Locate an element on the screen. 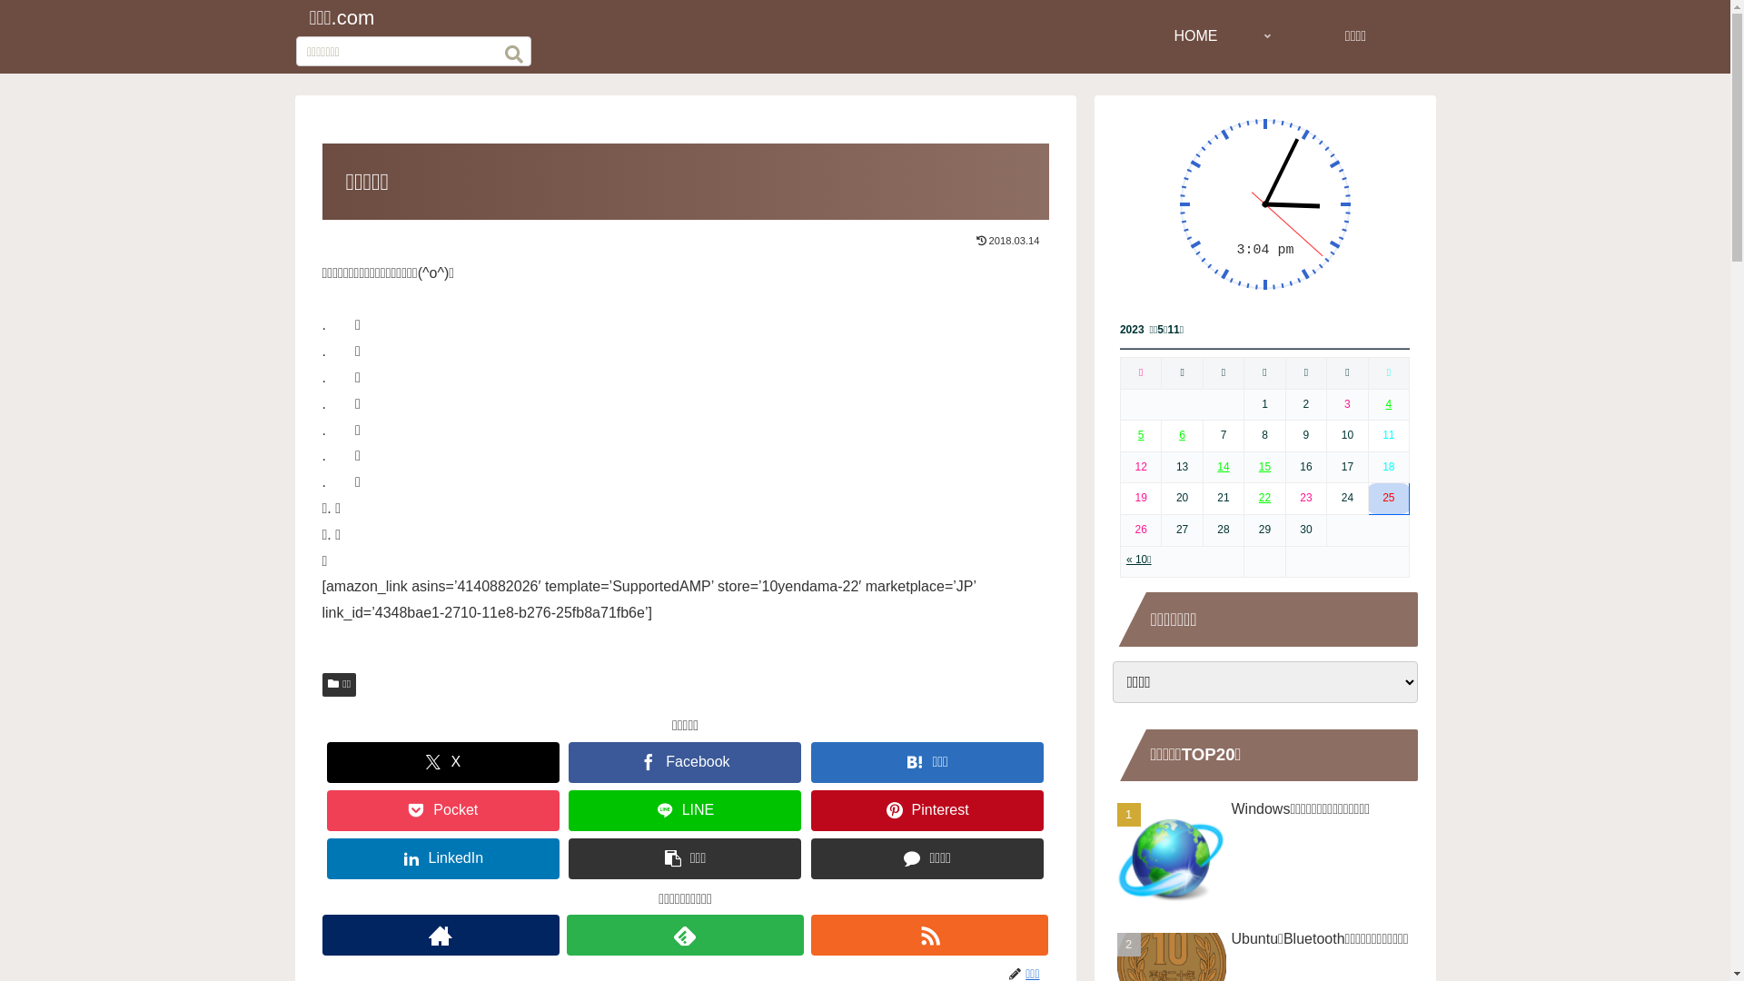 This screenshot has height=981, width=1744. 'HOME' is located at coordinates (1194, 35).